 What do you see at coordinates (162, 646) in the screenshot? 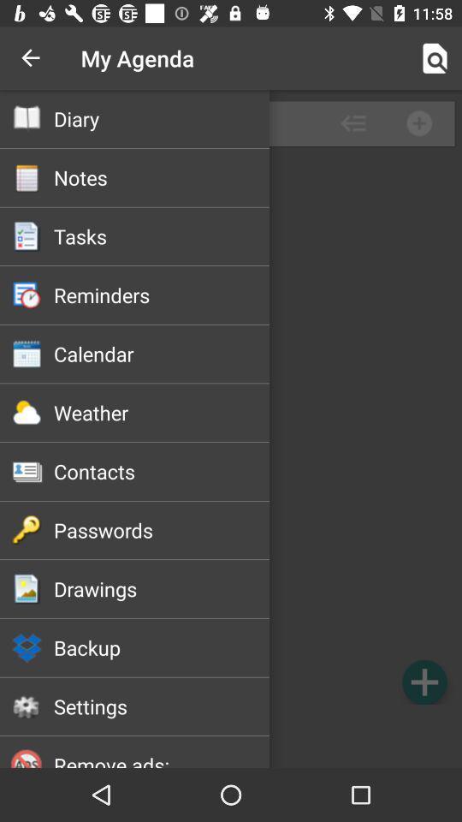
I see `the icon above the settings item` at bounding box center [162, 646].